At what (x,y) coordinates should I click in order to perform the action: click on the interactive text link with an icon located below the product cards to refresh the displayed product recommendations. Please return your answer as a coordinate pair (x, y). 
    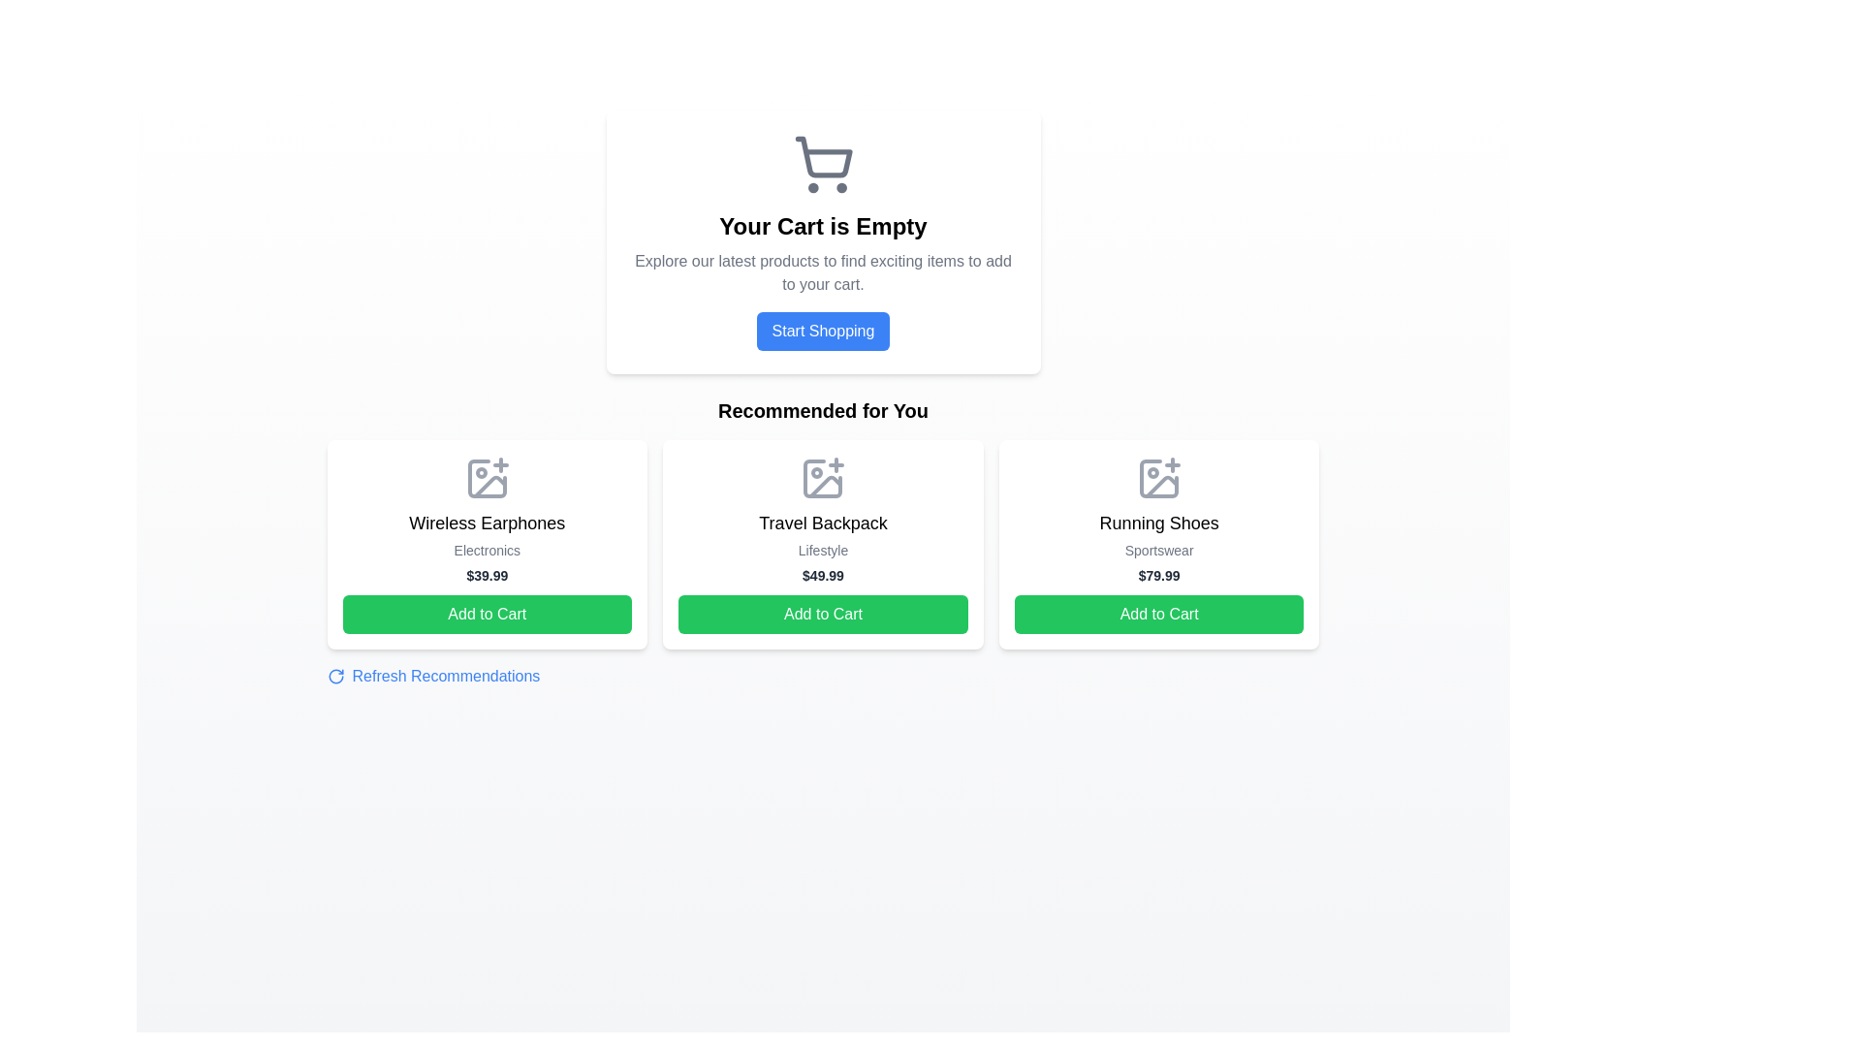
    Looking at the image, I should click on (431, 676).